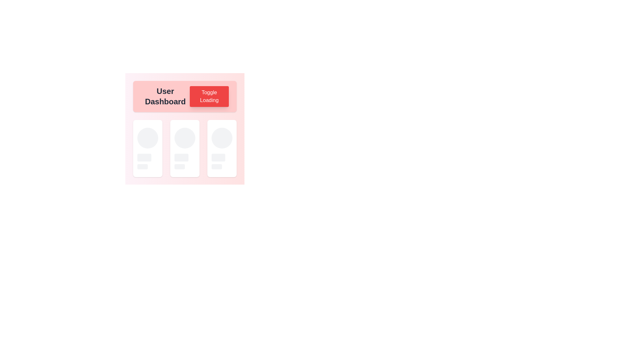  I want to click on the Placeholder Card, which is the first card in a row of three cards in a grid layout, located on the leftmost side, so click(147, 148).